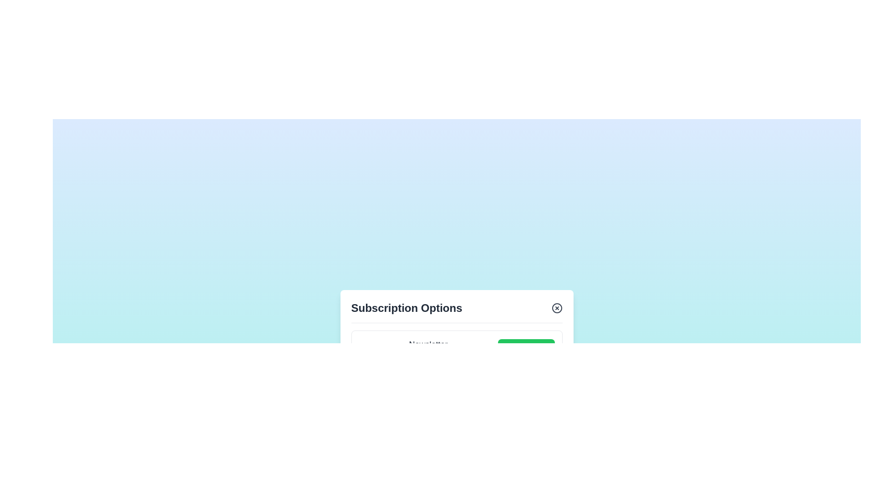 This screenshot has height=491, width=874. I want to click on the 'Subscribe' button for Newsletter, so click(526, 353).